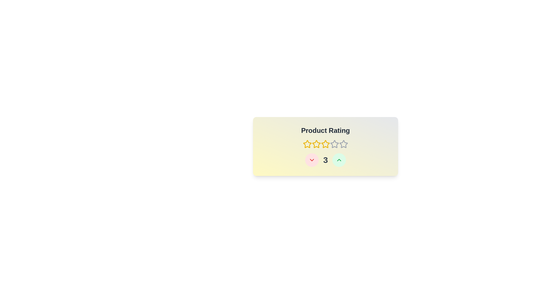 The height and width of the screenshot is (306, 544). Describe the element at coordinates (334, 144) in the screenshot. I see `the fifth star` at that location.